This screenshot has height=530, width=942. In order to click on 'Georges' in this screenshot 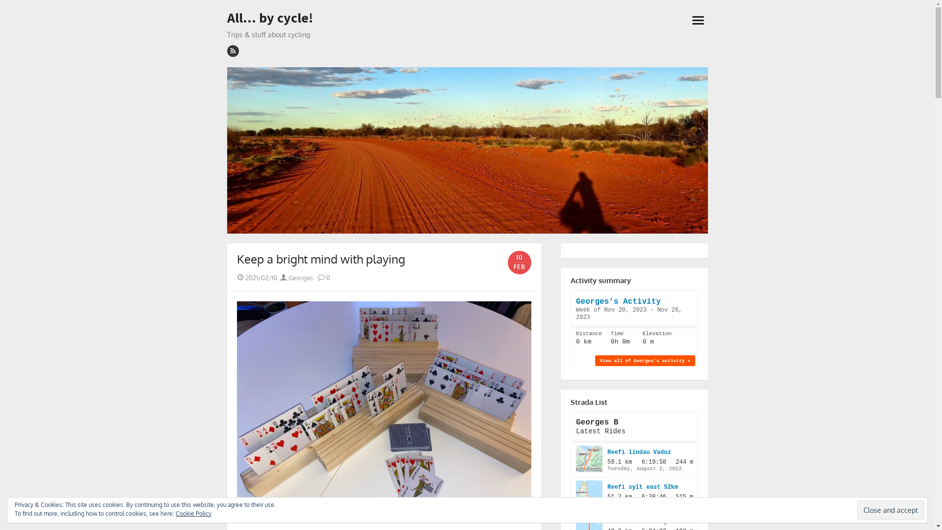, I will do `click(280, 278)`.